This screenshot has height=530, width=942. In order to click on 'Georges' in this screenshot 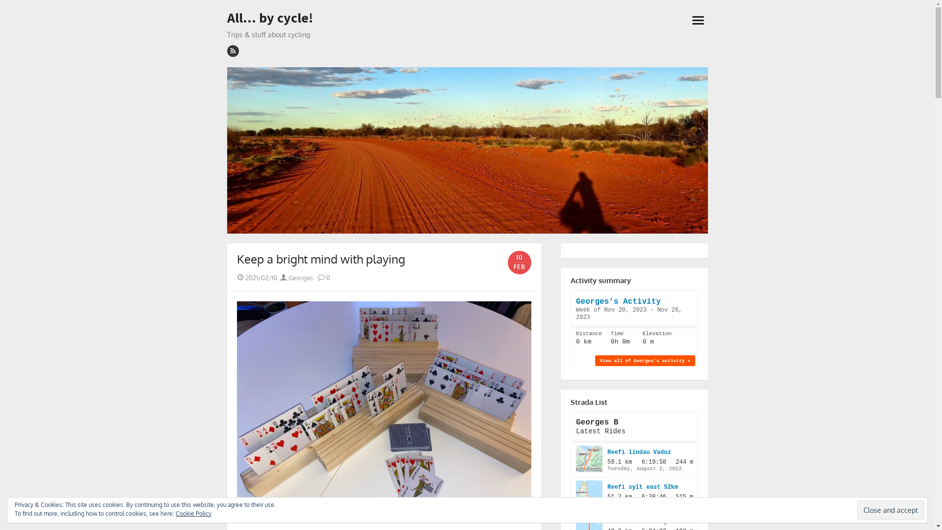, I will do `click(280, 278)`.